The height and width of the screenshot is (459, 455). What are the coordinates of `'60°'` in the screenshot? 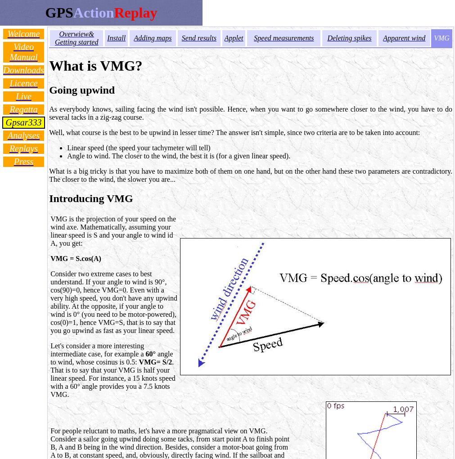 It's located at (150, 353).